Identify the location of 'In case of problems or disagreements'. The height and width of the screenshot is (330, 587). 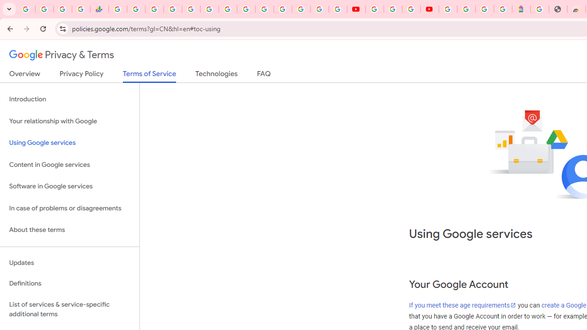
(69, 208).